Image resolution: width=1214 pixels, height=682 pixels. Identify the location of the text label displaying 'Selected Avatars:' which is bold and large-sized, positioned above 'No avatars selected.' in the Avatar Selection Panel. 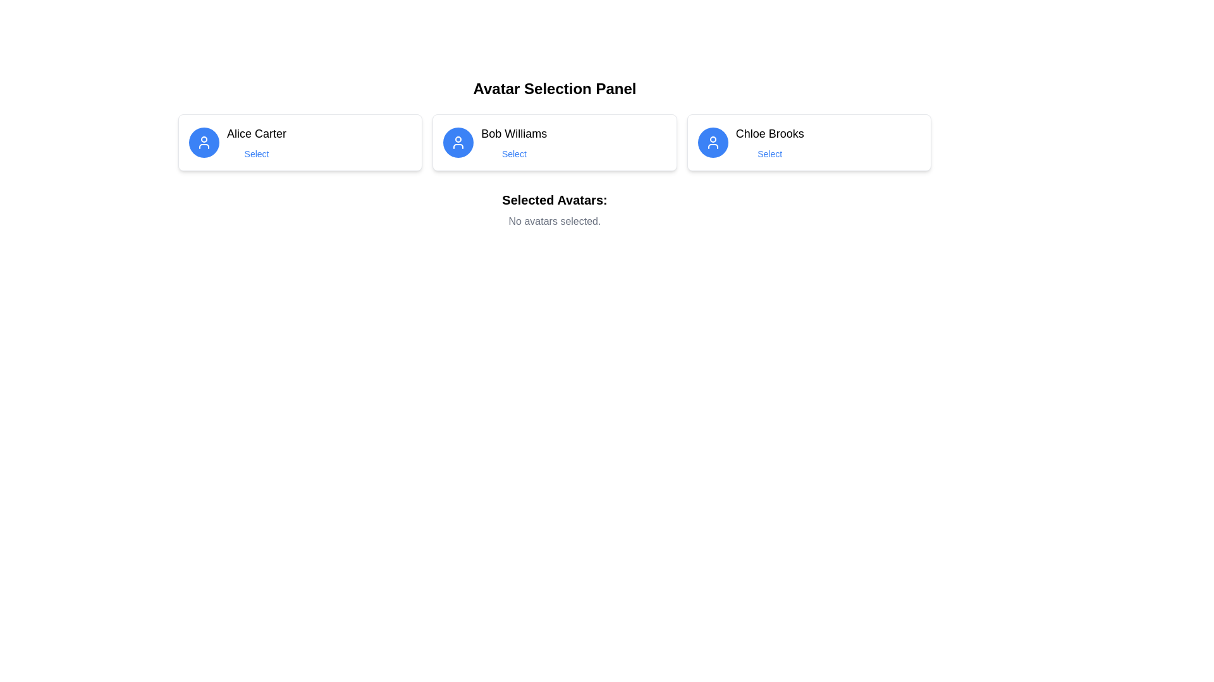
(555, 199).